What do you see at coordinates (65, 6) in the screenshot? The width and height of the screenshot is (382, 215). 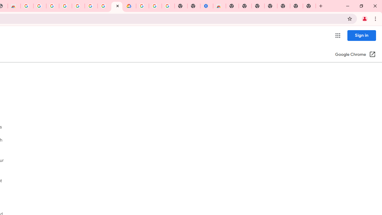 I see `'Sign in - Google Accounts'` at bounding box center [65, 6].